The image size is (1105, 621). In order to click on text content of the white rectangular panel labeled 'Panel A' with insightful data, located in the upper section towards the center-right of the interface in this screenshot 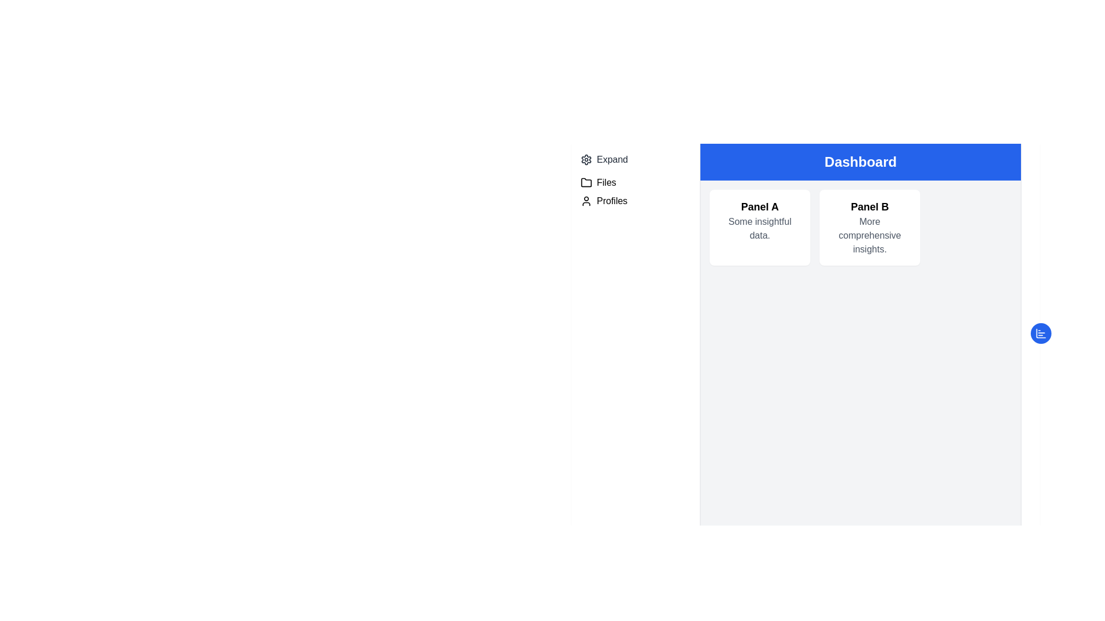, I will do `click(760, 228)`.